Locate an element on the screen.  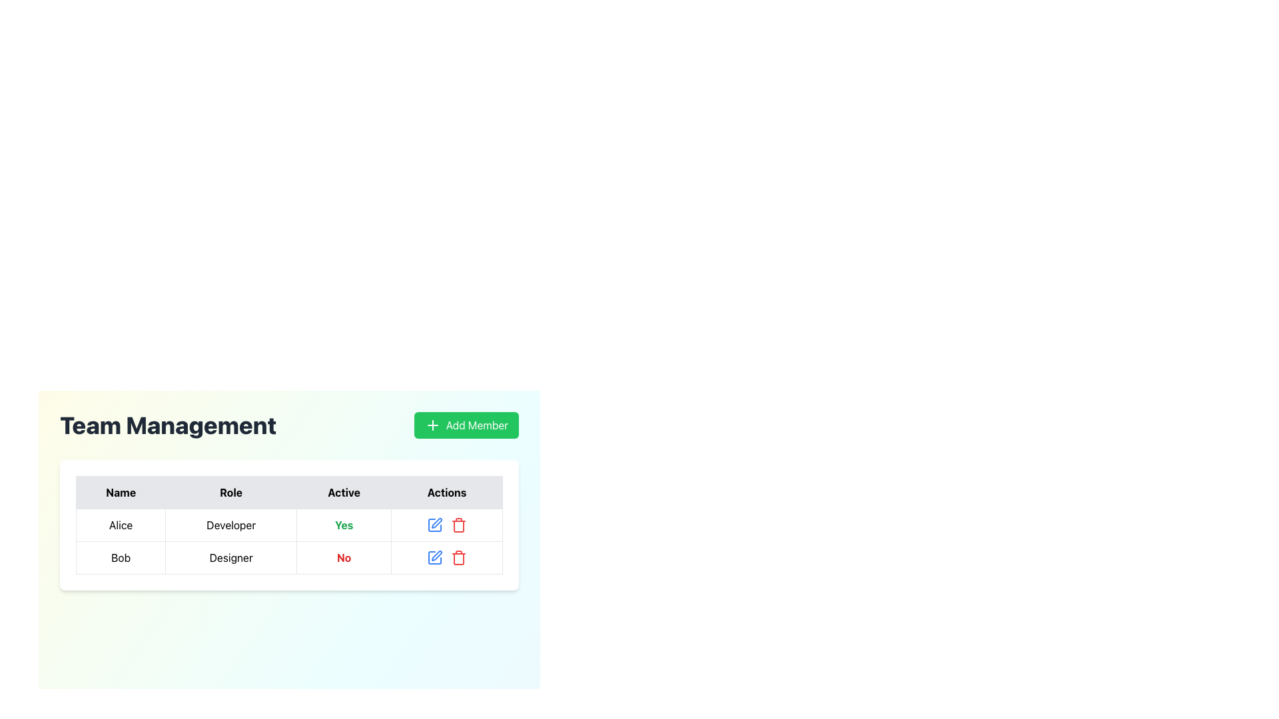
the plus icon, which is part of the 'Add Member' green button is located at coordinates (432, 425).